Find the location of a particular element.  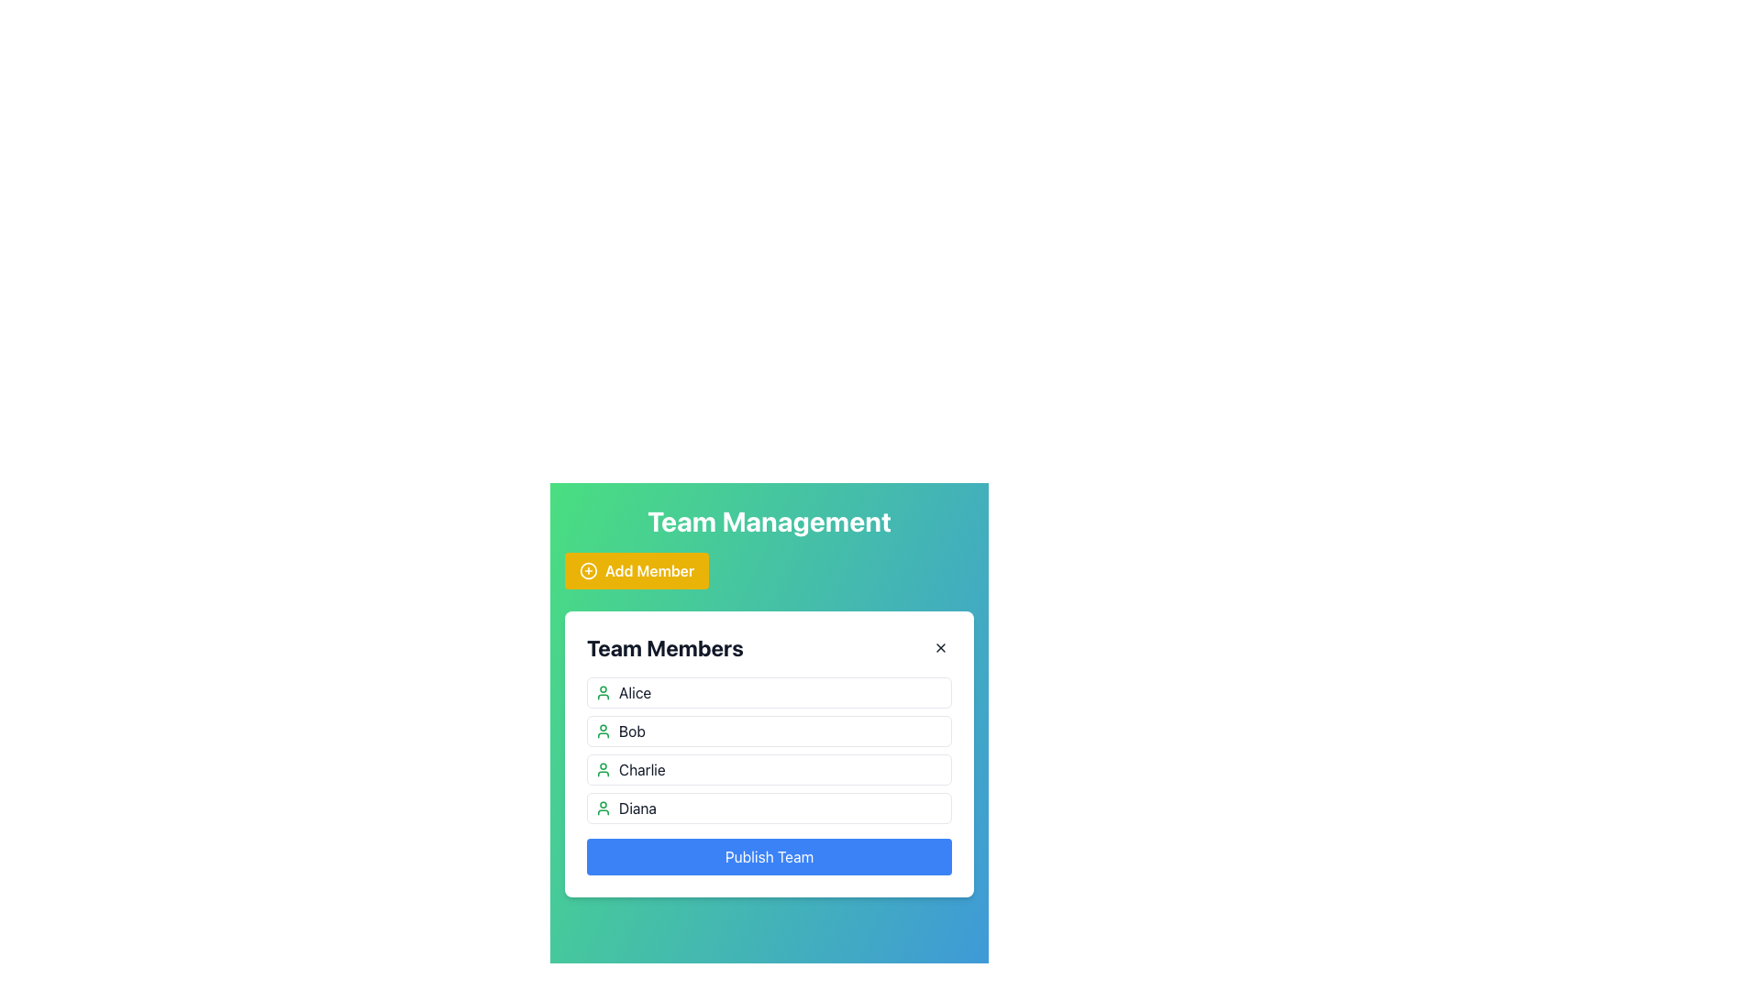

the Icon to the left of the 'Add Member' button, which serves as a visual indicator for adding members to the team is located at coordinates (589, 570).